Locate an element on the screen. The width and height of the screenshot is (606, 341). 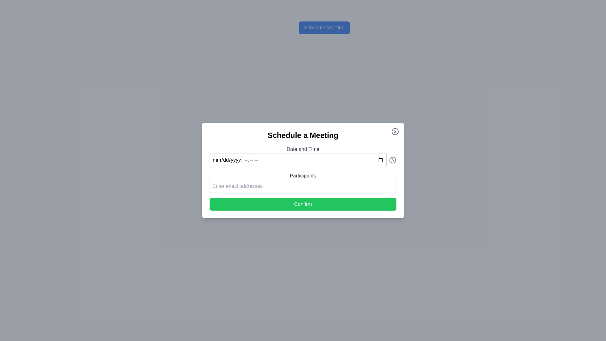
the circular icon button with a stroke outline located in the top-right corner of the 'Schedule a Meeting' modal is located at coordinates (395, 131).